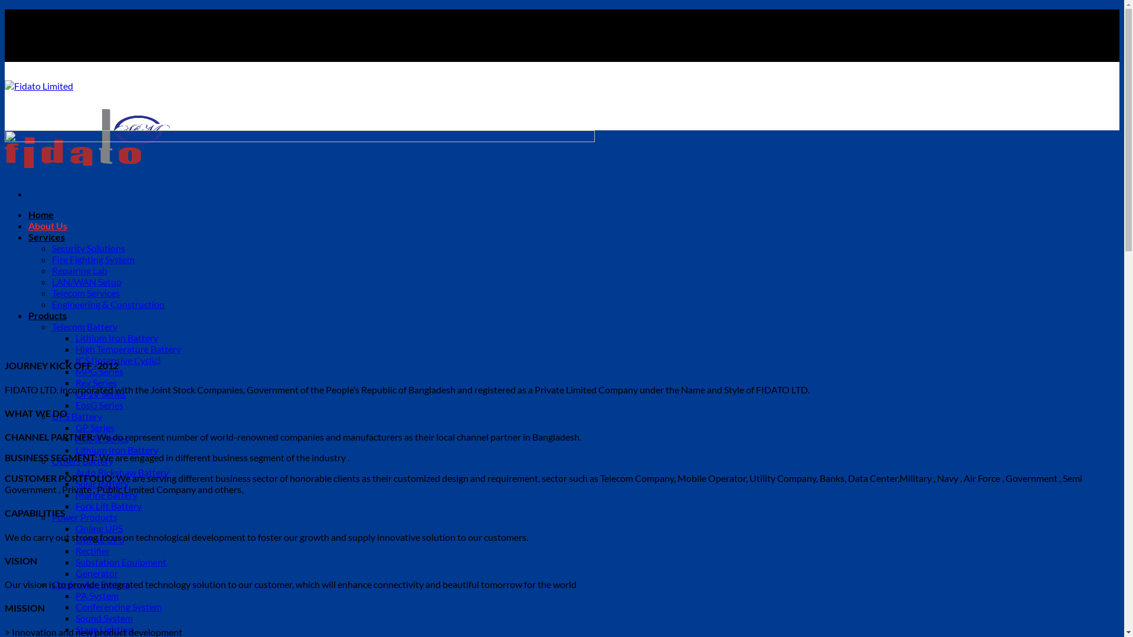  I want to click on 'Sound System', so click(104, 617).